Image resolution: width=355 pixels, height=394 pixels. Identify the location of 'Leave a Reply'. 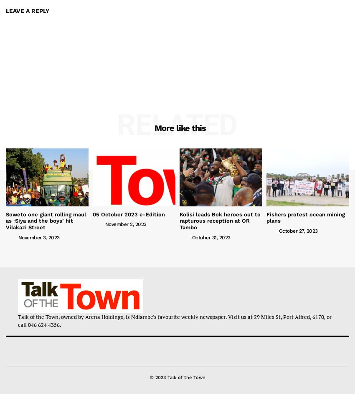
(27, 10).